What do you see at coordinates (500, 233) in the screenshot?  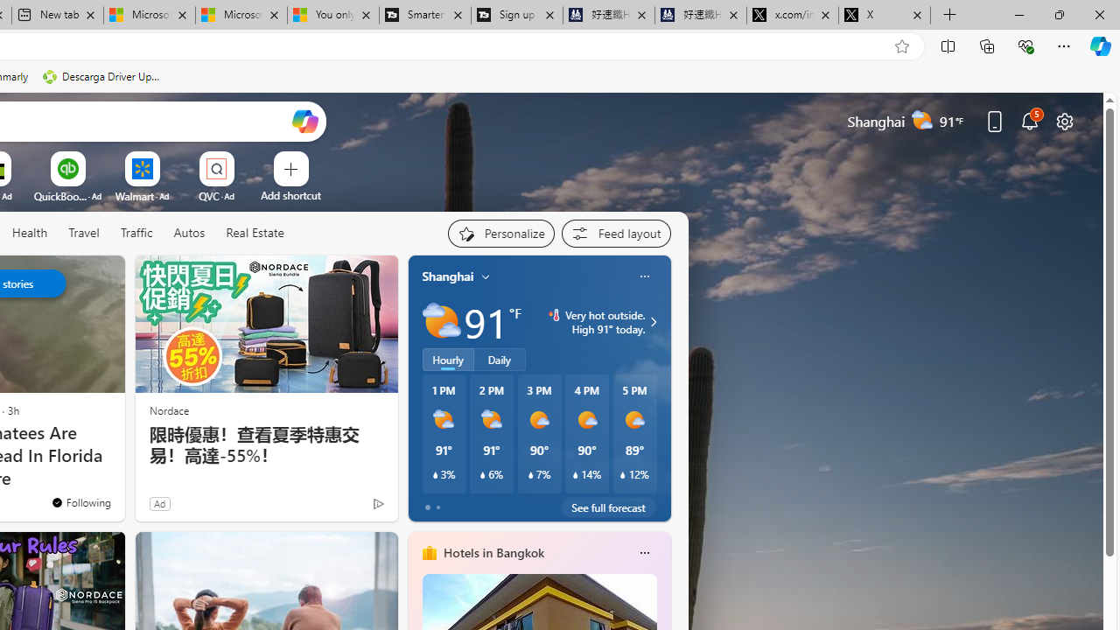 I see `'Personalize your feed"'` at bounding box center [500, 233].